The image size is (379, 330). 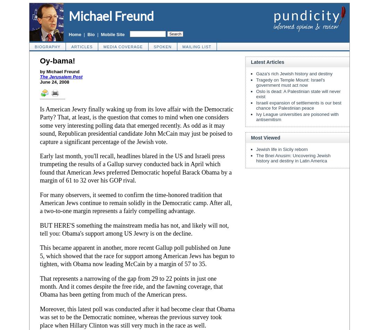 I want to click on 'Latest Articles', so click(x=251, y=62).